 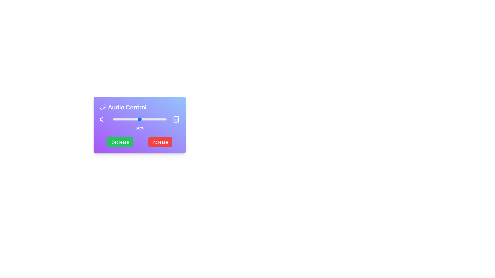 What do you see at coordinates (151, 119) in the screenshot?
I see `volume` at bounding box center [151, 119].